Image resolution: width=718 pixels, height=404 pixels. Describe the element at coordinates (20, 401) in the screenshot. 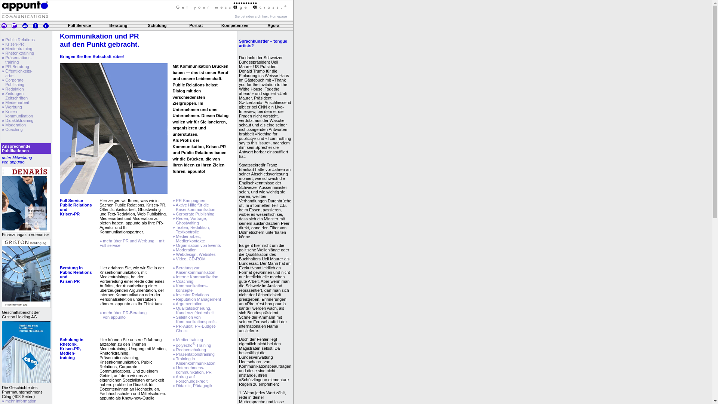

I see `'mehr Information'` at that location.